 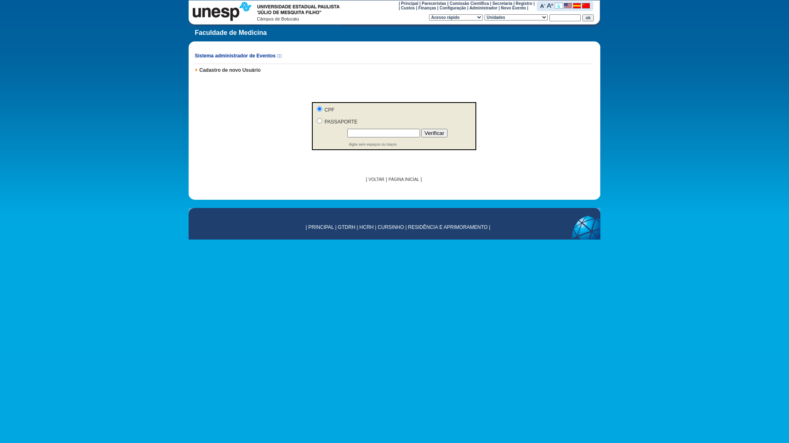 What do you see at coordinates (376, 179) in the screenshot?
I see `'VOLTAR'` at bounding box center [376, 179].